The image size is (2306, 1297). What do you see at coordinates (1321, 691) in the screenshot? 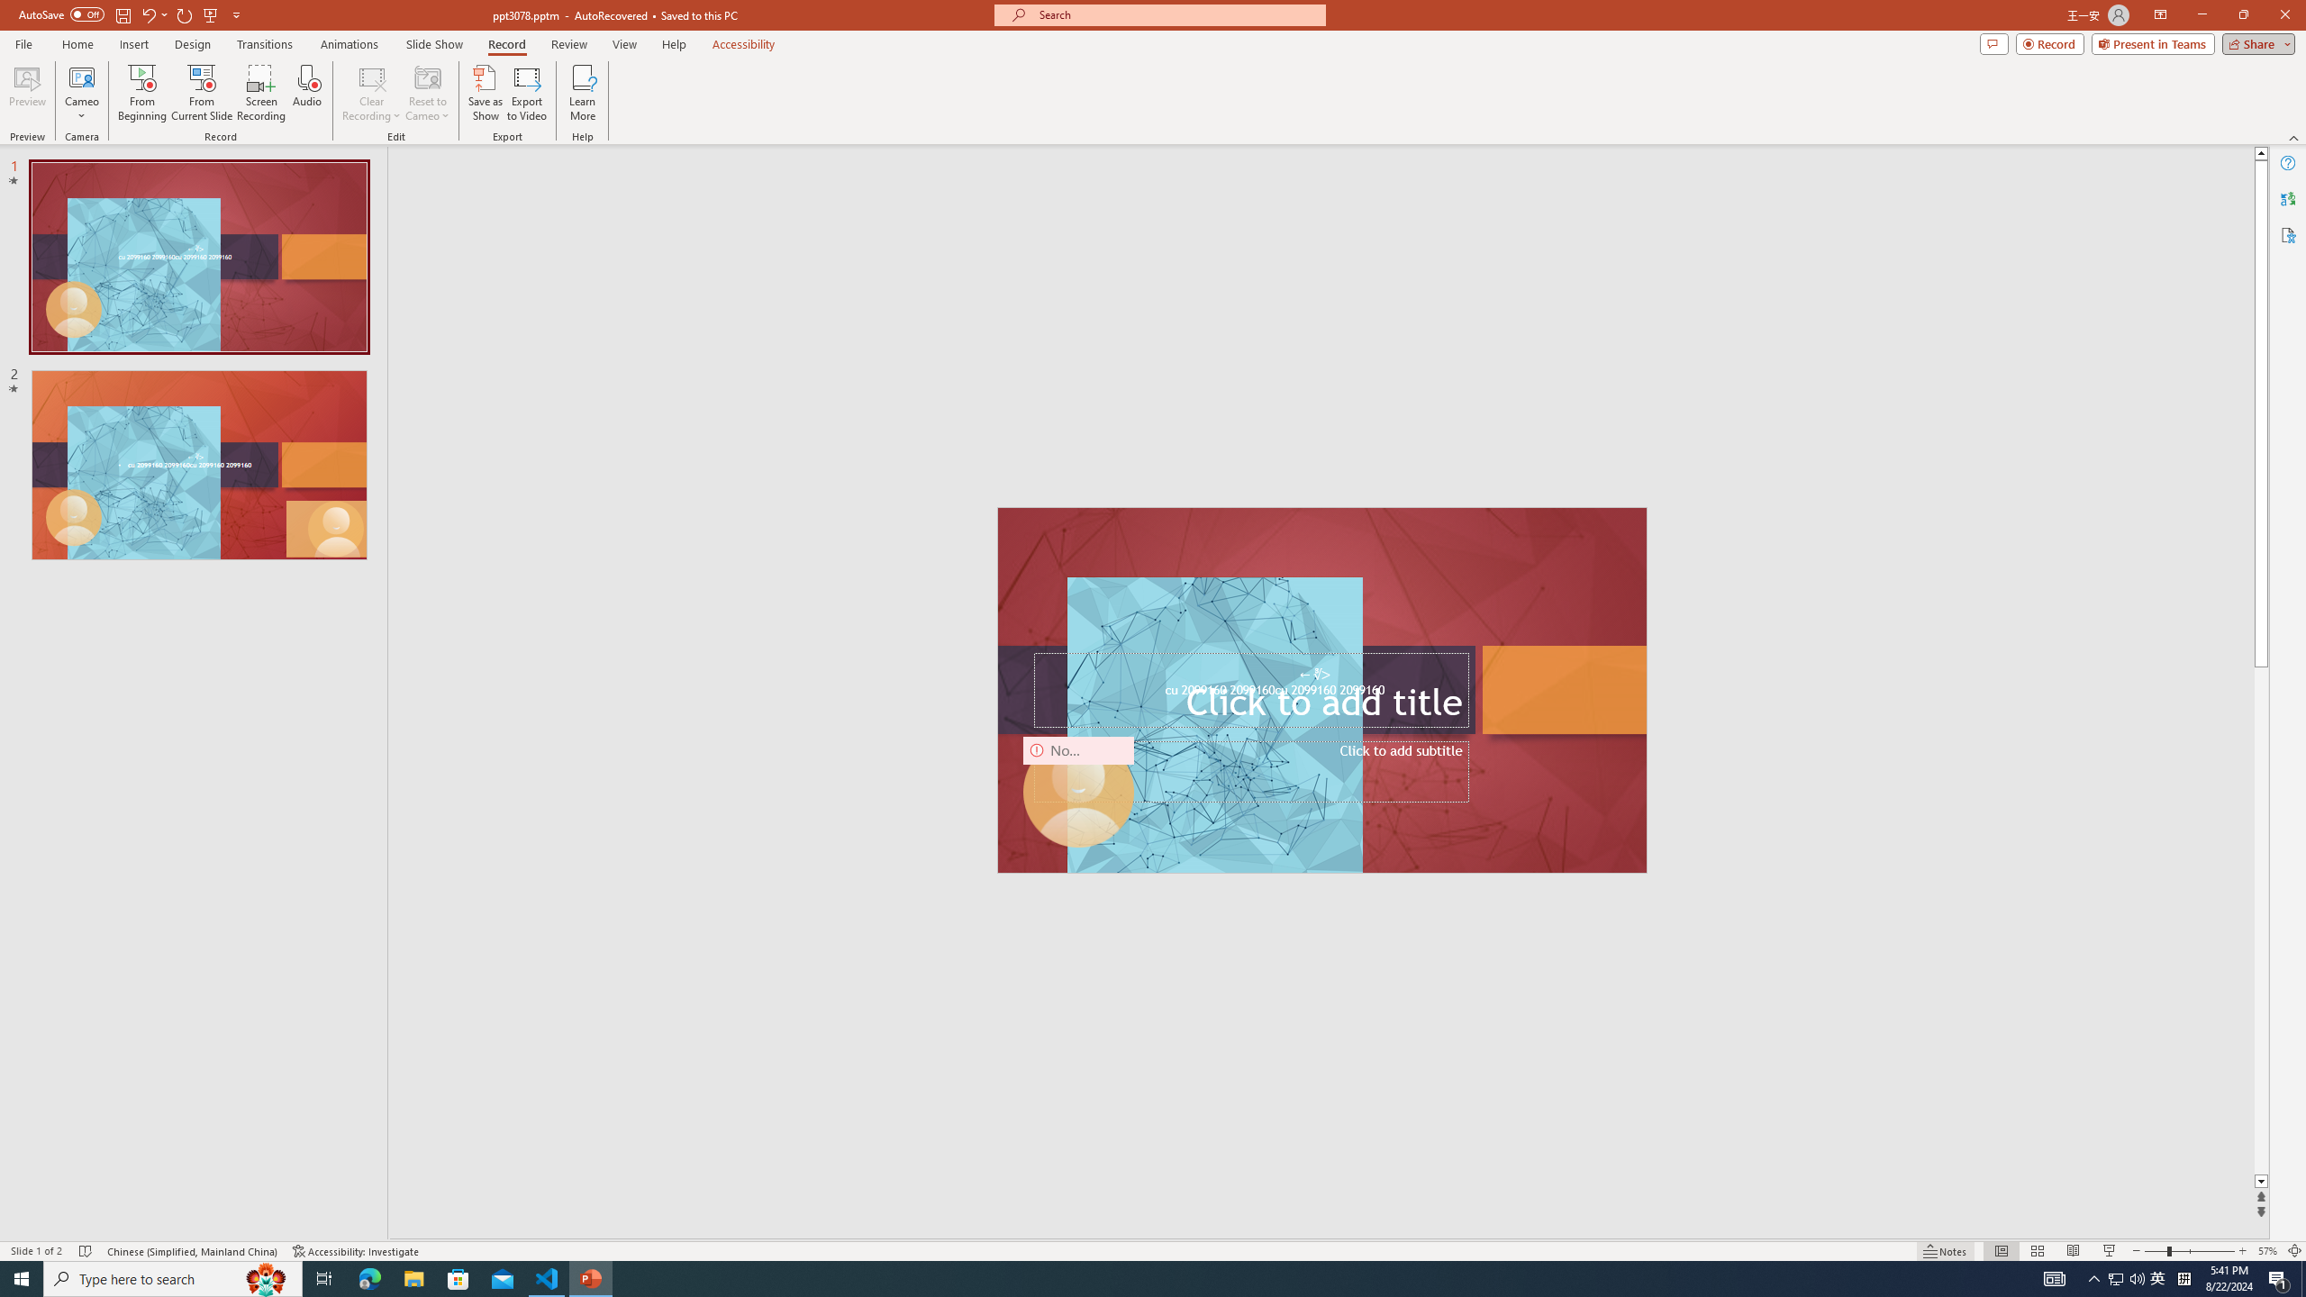
I see `'TextBox 61'` at bounding box center [1321, 691].